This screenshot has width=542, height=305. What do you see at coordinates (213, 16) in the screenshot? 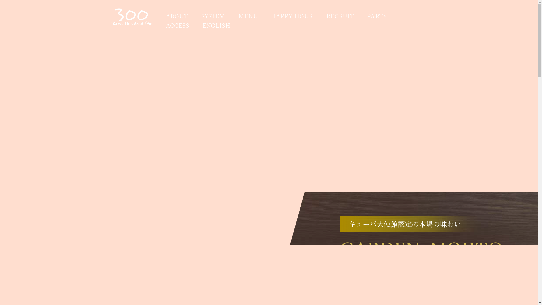
I see `'SYSTEM'` at bounding box center [213, 16].